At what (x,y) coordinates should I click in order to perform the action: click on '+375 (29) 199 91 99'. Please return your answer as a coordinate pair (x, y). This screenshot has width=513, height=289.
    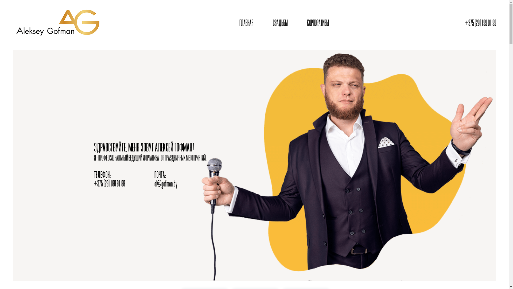
    Looking at the image, I should click on (109, 184).